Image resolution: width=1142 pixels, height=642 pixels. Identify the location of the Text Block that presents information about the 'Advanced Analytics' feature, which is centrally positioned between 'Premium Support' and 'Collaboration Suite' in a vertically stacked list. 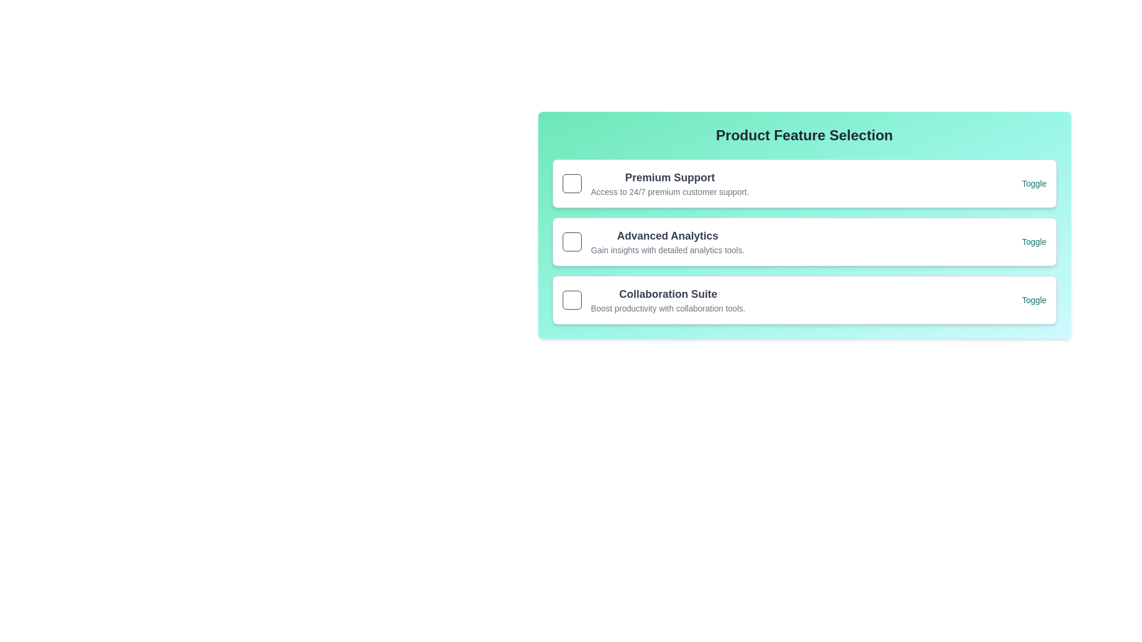
(667, 241).